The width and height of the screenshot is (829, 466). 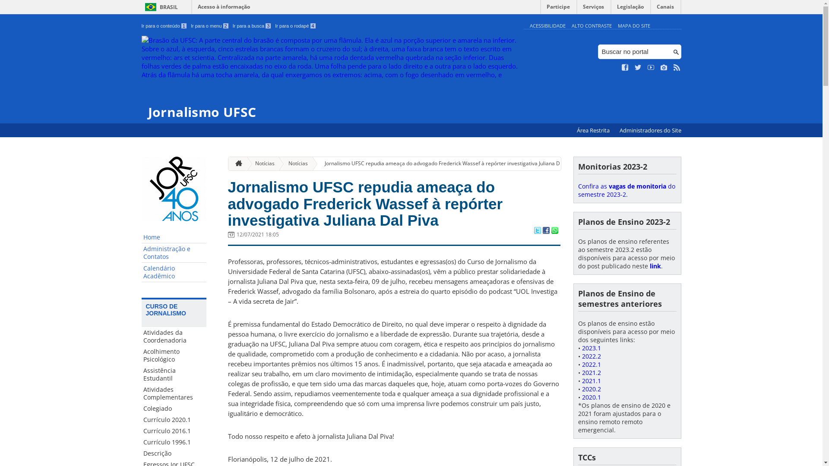 What do you see at coordinates (547, 25) in the screenshot?
I see `'ACESSIBILIDADE'` at bounding box center [547, 25].